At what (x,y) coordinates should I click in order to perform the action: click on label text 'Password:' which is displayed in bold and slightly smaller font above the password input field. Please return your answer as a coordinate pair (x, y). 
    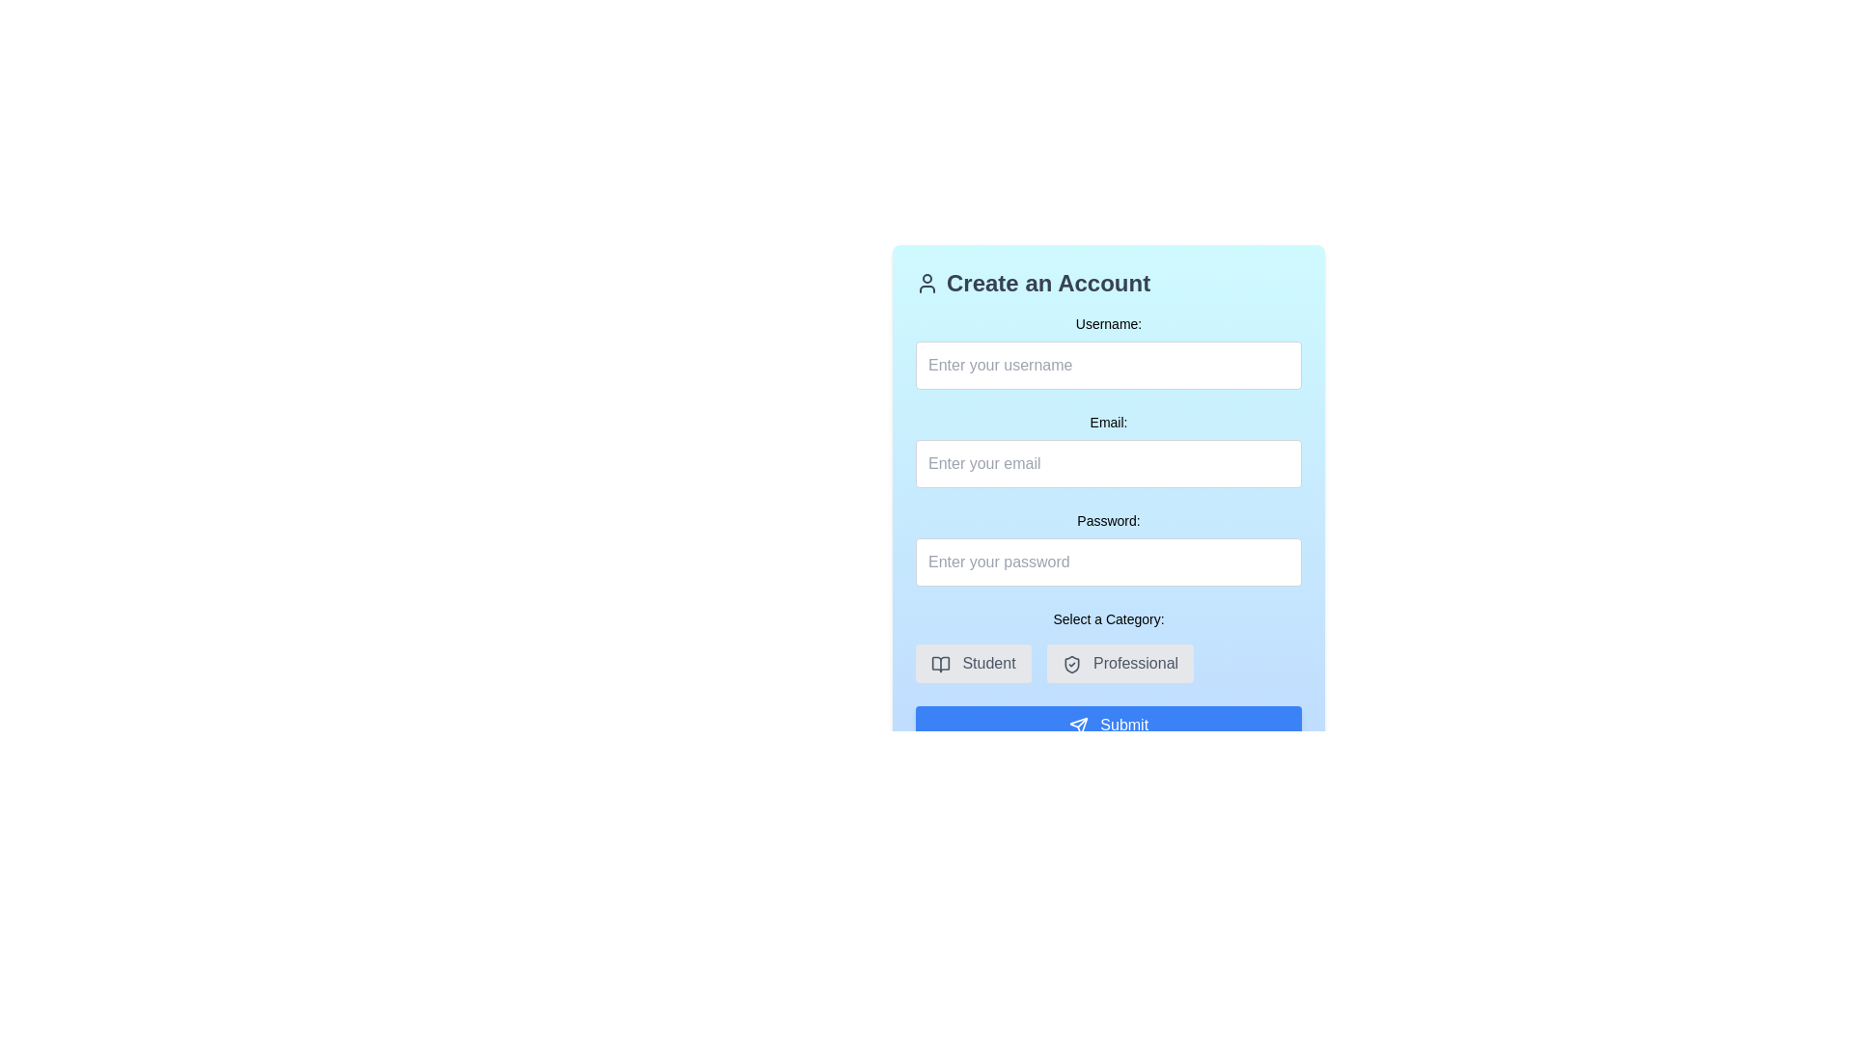
    Looking at the image, I should click on (1108, 521).